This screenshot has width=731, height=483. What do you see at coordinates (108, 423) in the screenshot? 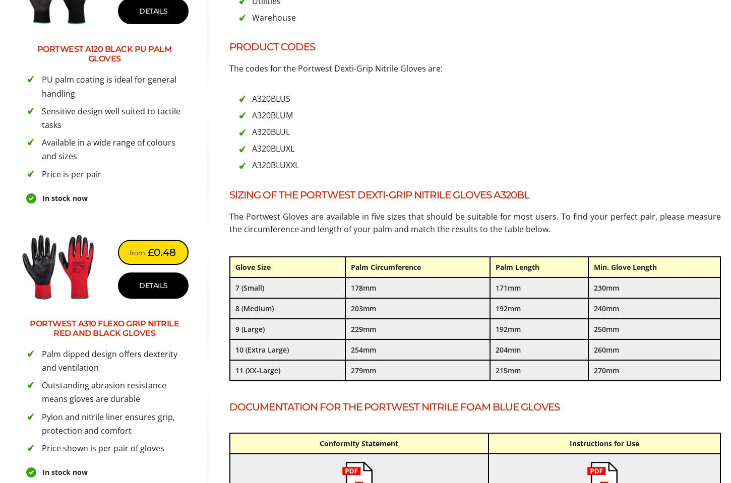
I see `'Pylon and nitrile liner ensures grip, protection and comfort'` at bounding box center [108, 423].